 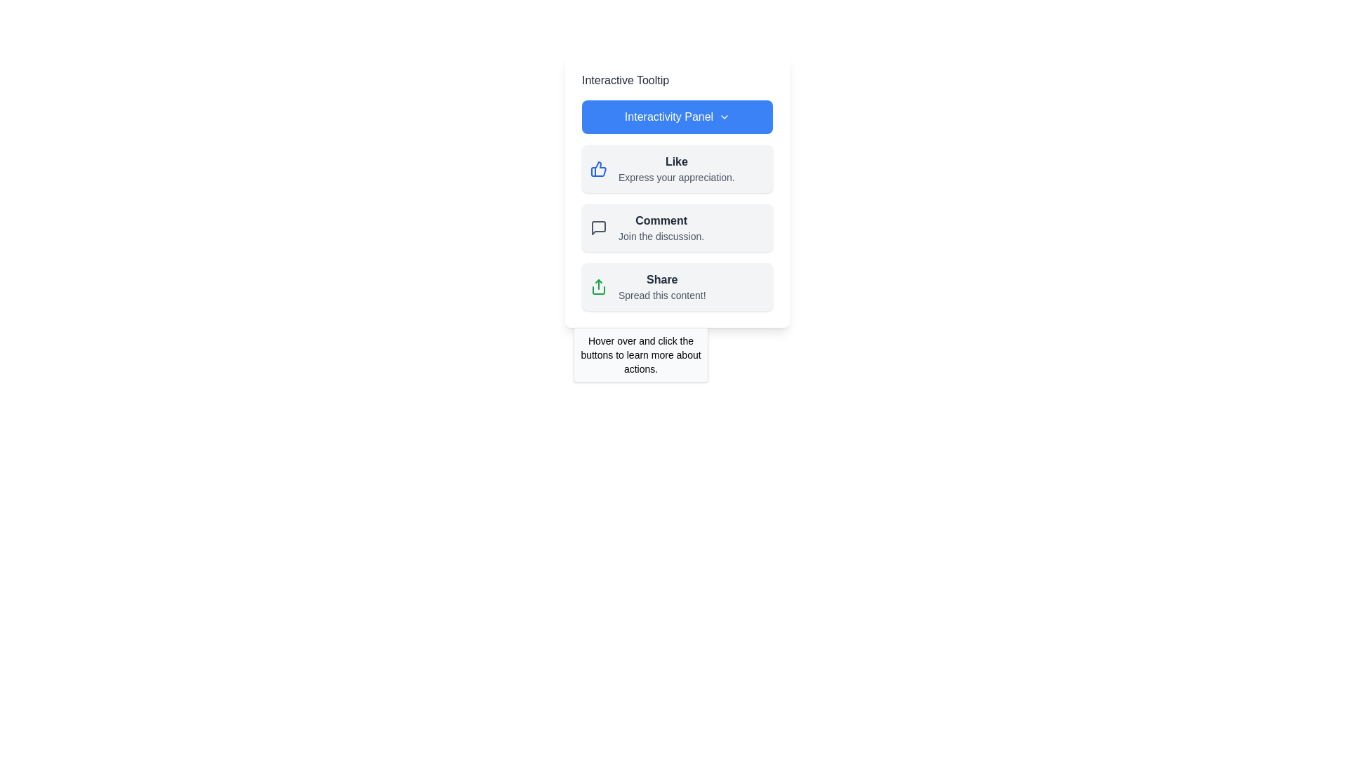 What do you see at coordinates (640, 354) in the screenshot?
I see `information from the informational tooltip located below the 'Interactive Tooltip' panel, which contains the text 'Hover over and click the buttons to learn more about actions.'` at bounding box center [640, 354].